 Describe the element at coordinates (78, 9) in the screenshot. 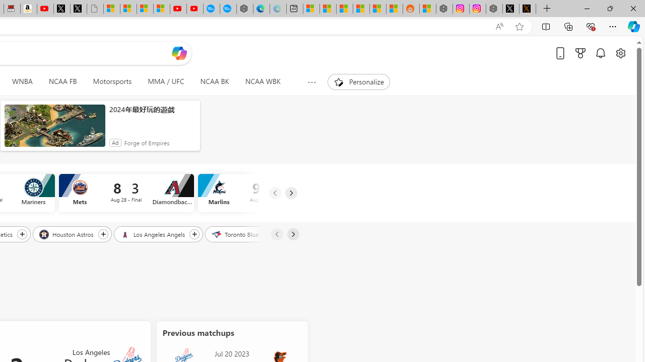

I see `'X'` at that location.